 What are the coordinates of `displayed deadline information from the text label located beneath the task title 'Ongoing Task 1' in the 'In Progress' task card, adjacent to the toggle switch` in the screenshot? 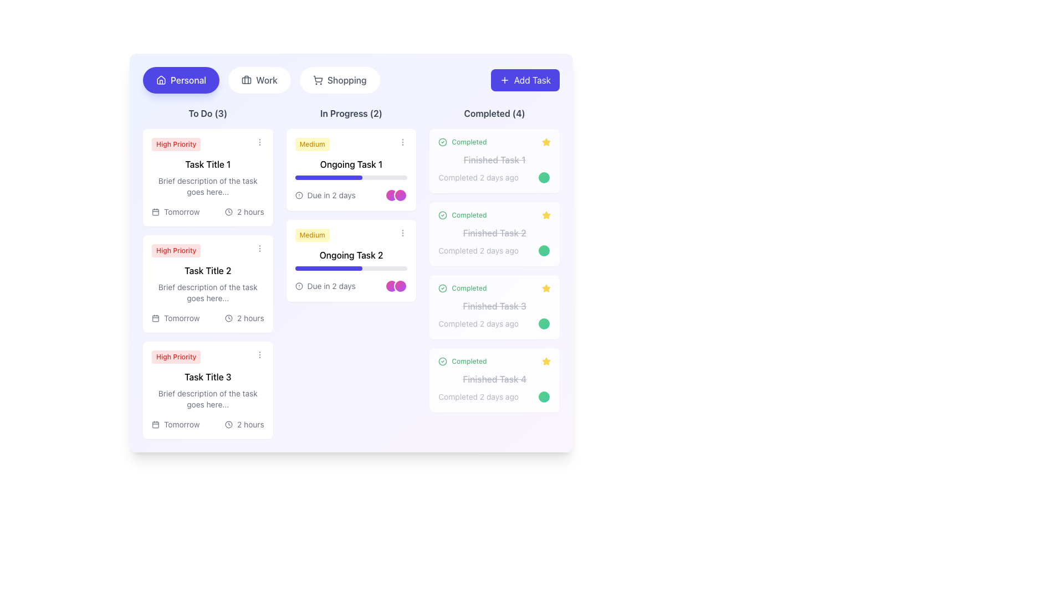 It's located at (325, 195).